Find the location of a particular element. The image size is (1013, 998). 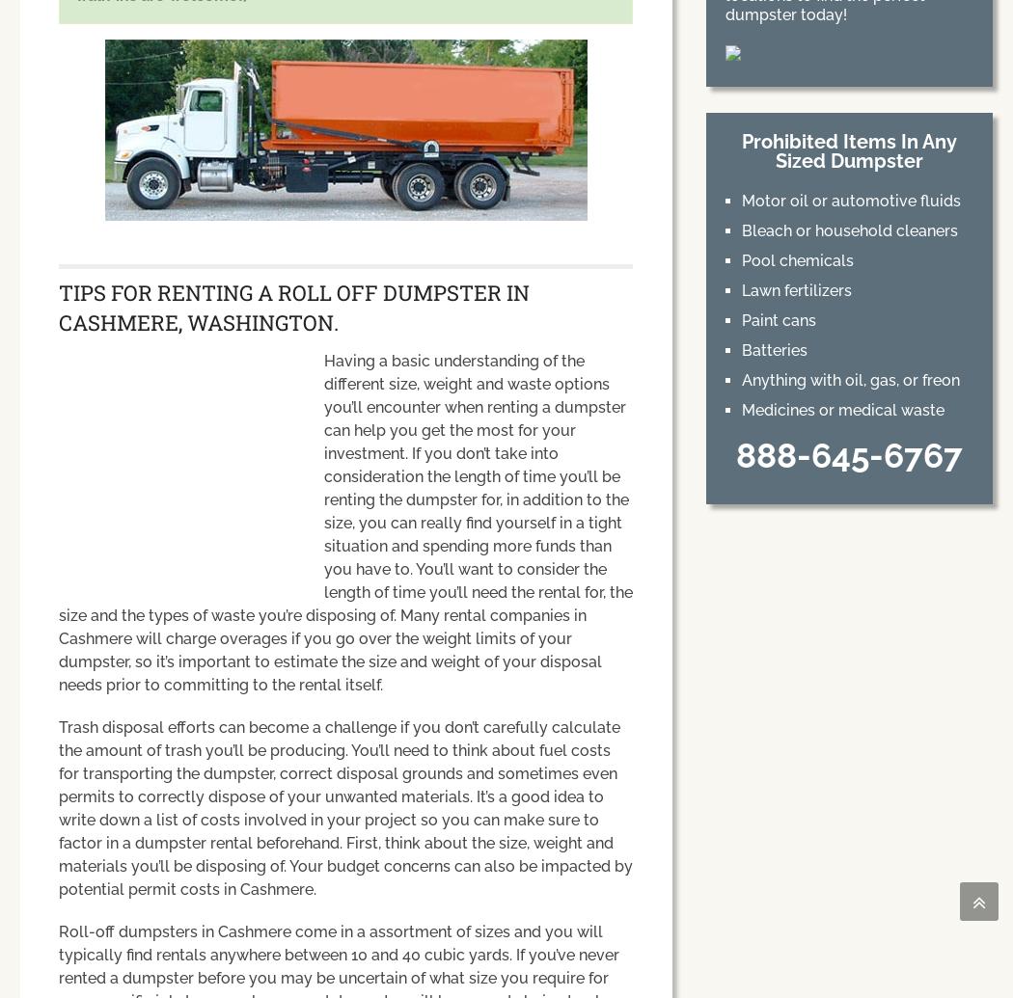

'Motor oil or automotive fluids' is located at coordinates (849, 201).